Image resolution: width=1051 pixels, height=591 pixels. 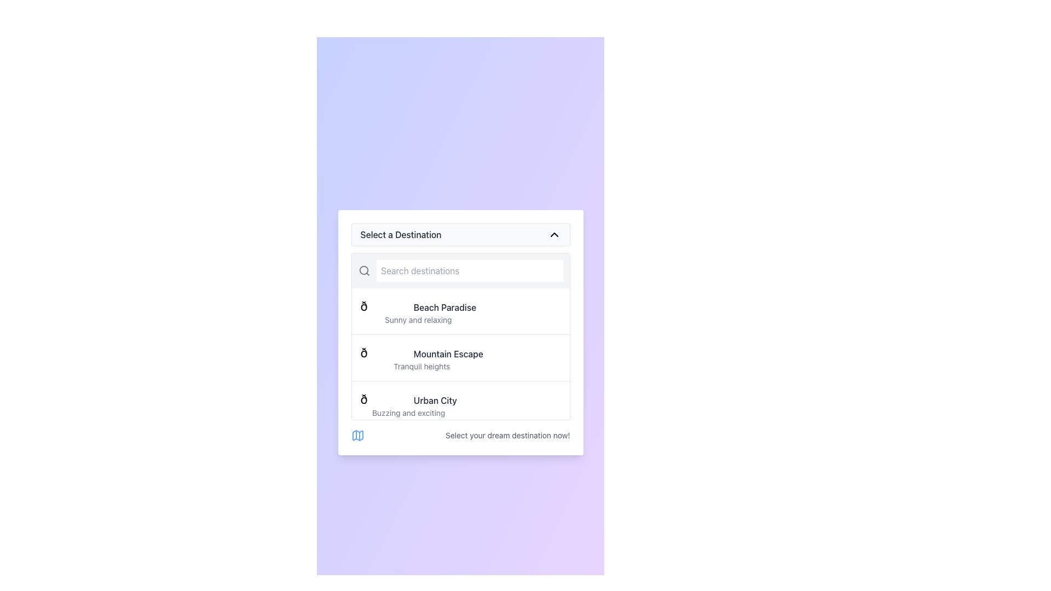 I want to click on the third entry in the dropdown menu list, so click(x=408, y=404).